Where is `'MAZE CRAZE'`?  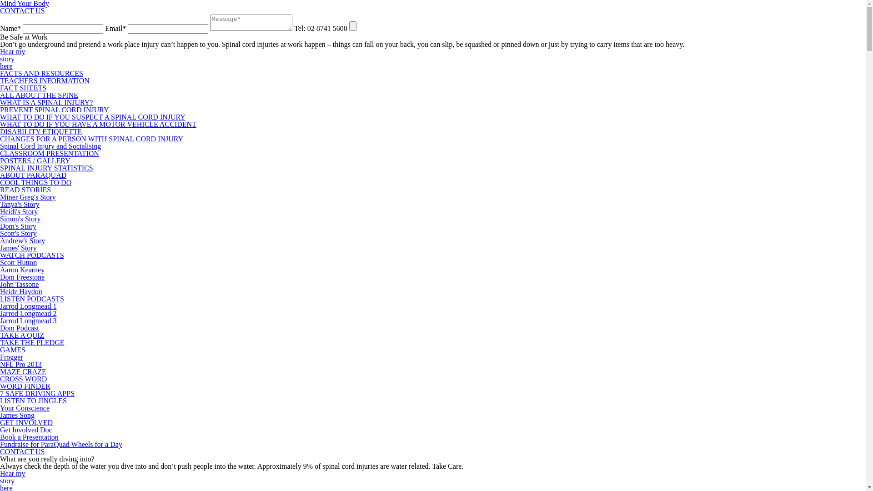 'MAZE CRAZE' is located at coordinates (23, 371).